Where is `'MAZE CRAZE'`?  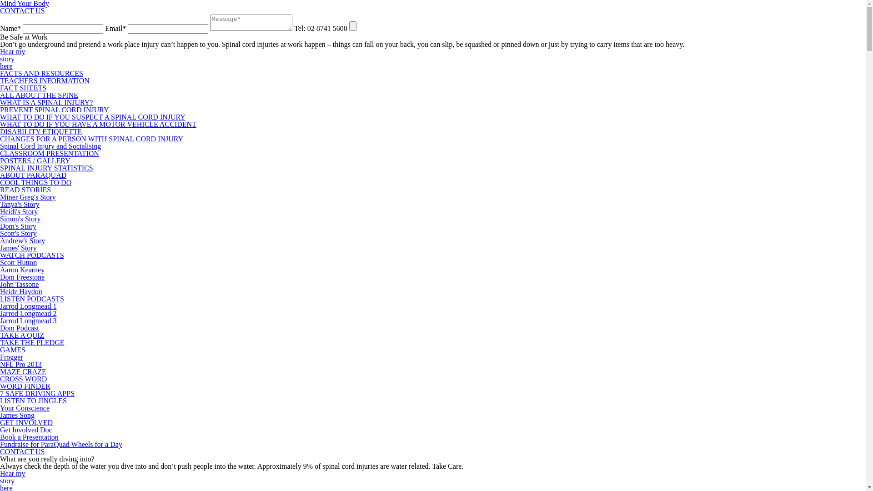 'MAZE CRAZE' is located at coordinates (23, 371).